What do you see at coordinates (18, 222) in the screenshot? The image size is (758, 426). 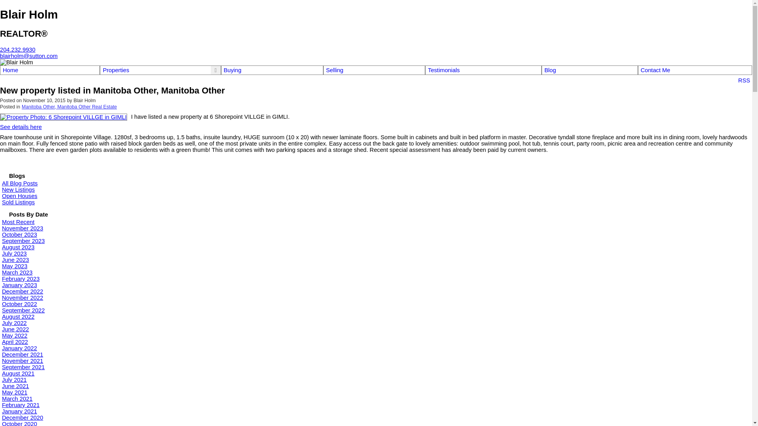 I see `'Most Recent'` at bounding box center [18, 222].